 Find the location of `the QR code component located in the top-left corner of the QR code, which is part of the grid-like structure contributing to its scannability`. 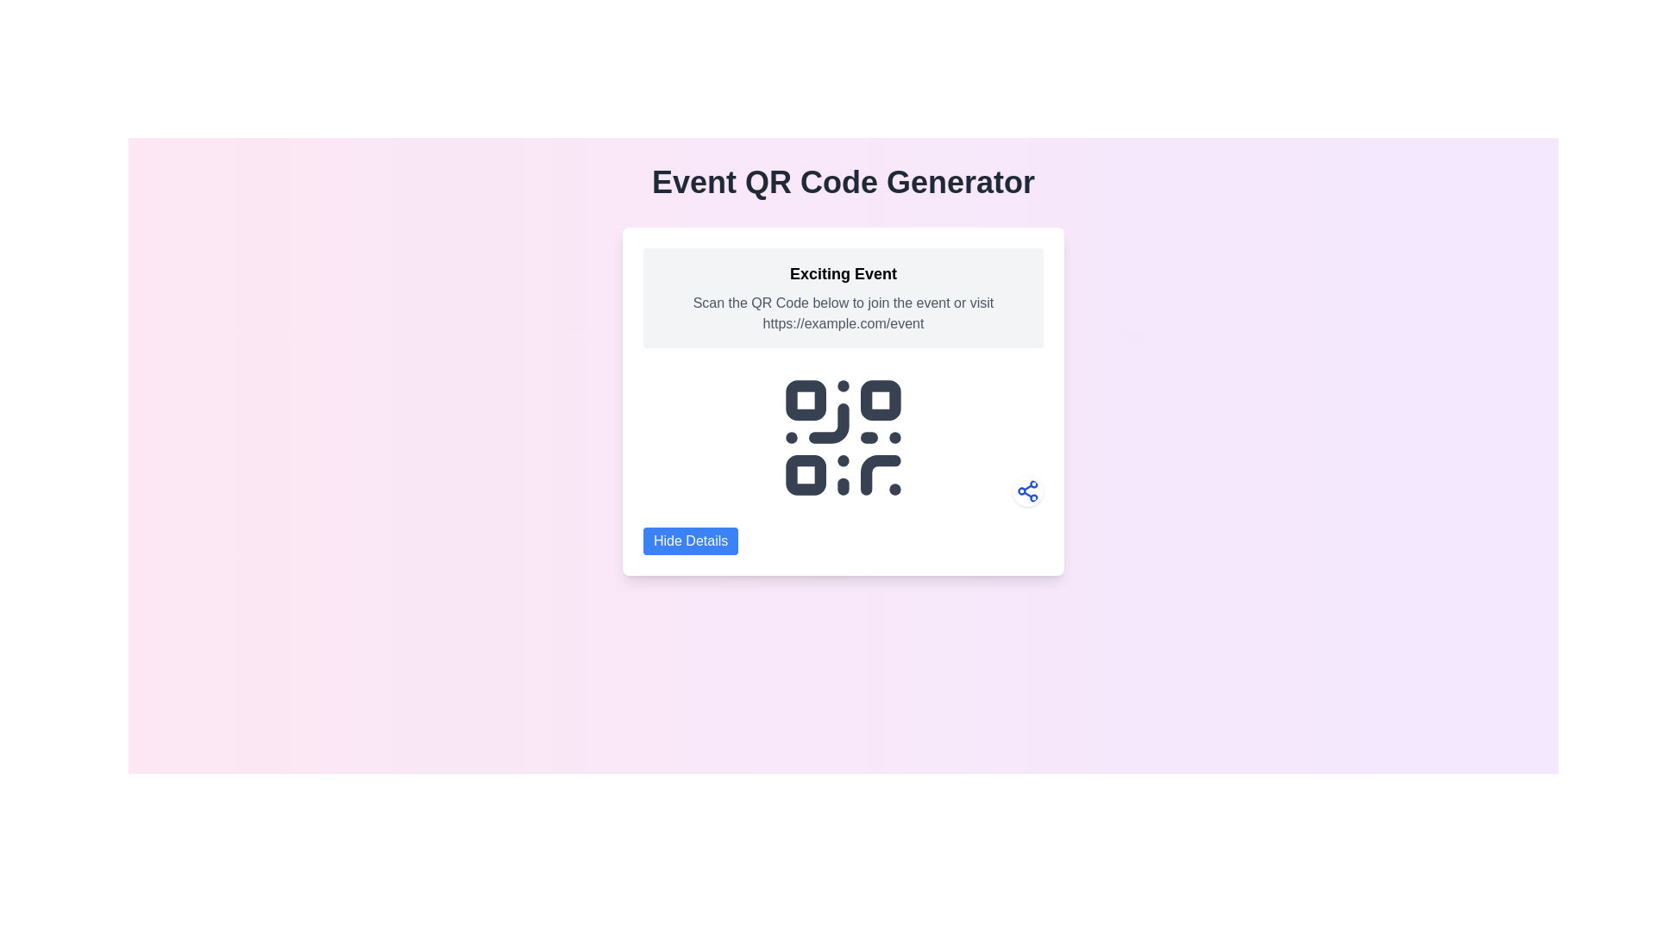

the QR code component located in the top-left corner of the QR code, which is part of the grid-like structure contributing to its scannability is located at coordinates (805, 400).